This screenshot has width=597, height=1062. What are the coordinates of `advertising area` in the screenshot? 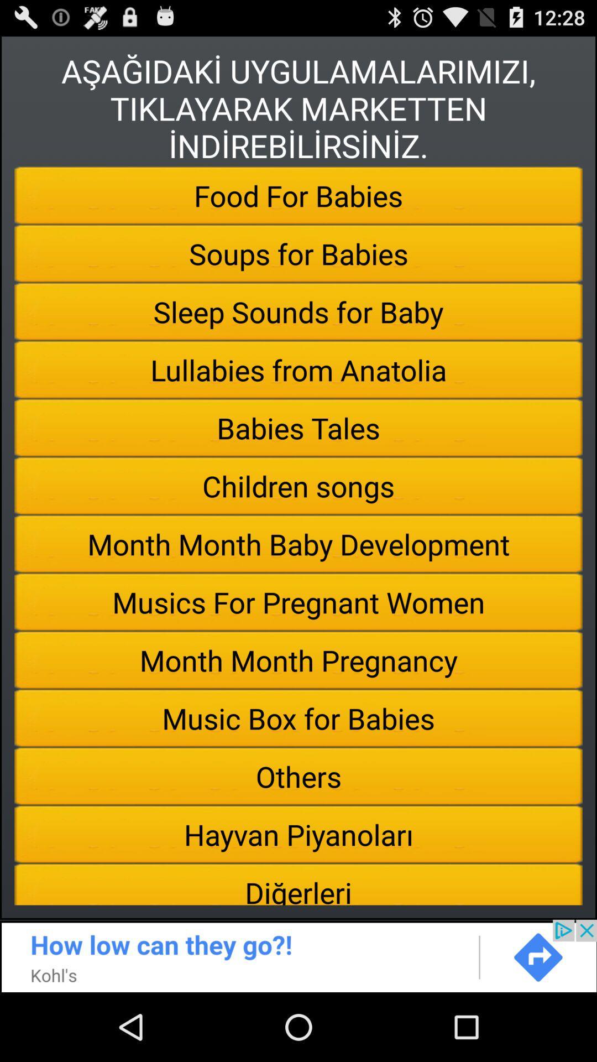 It's located at (298, 955).